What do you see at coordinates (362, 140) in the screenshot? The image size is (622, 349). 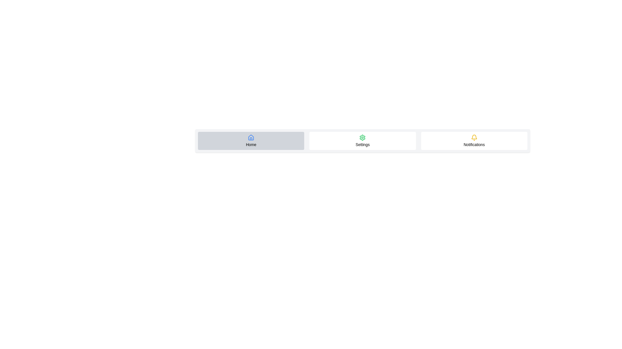 I see `the 'Settings' button with a green gear icon in the navigation bar` at bounding box center [362, 140].